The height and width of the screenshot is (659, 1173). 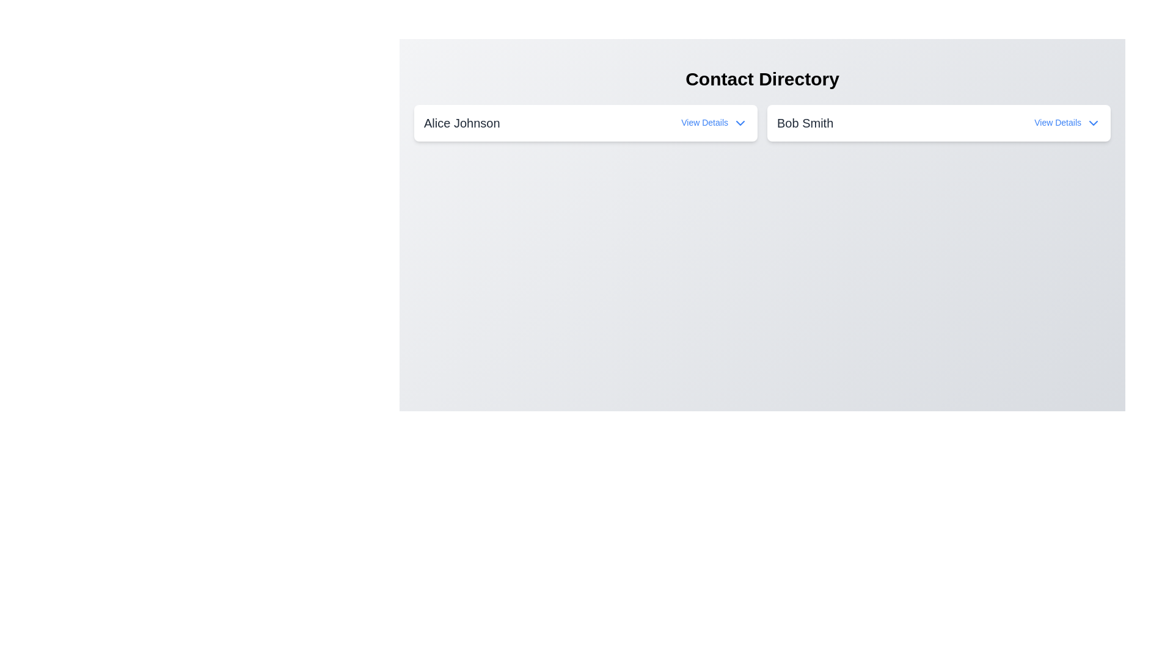 I want to click on the chevron on the contact entry for 'Bob Smith' to reveal additional options, so click(x=938, y=123).